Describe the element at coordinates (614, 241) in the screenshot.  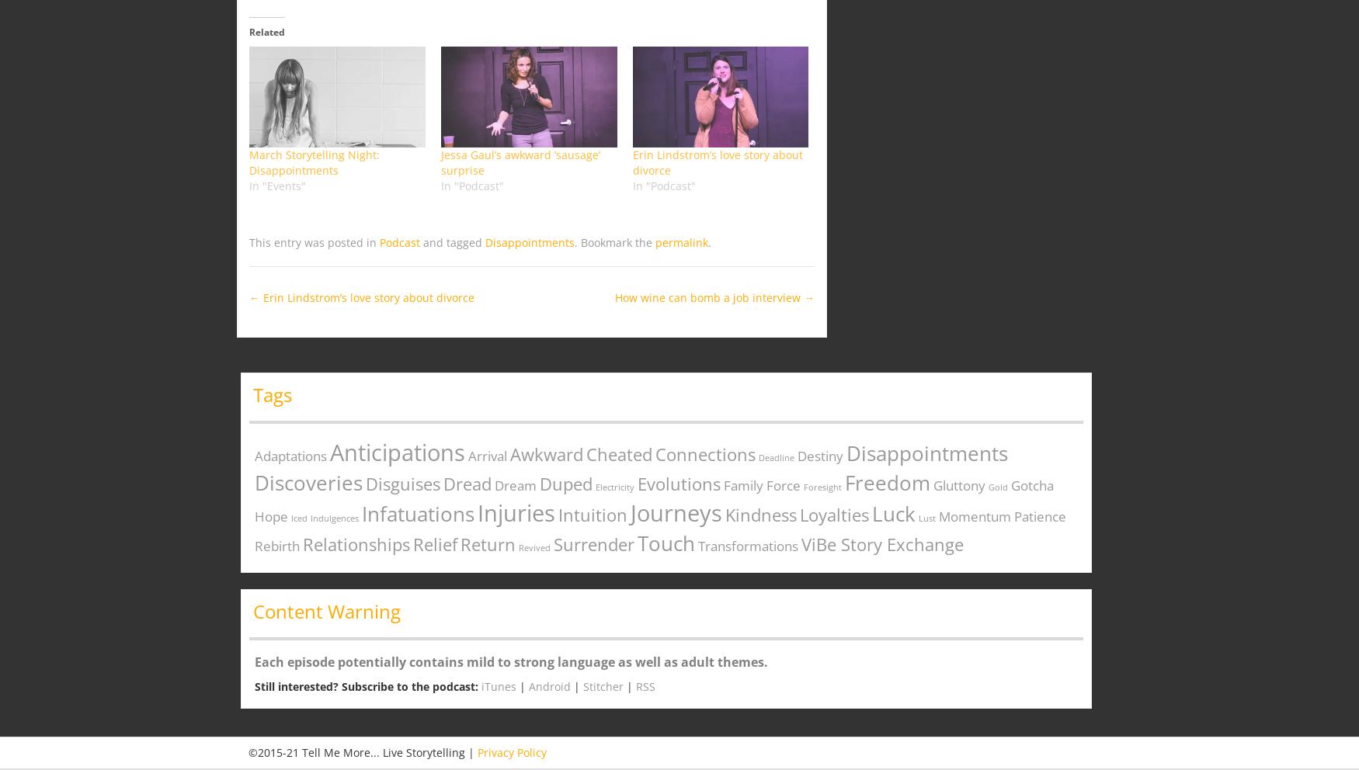
I see `'. Bookmark the'` at that location.